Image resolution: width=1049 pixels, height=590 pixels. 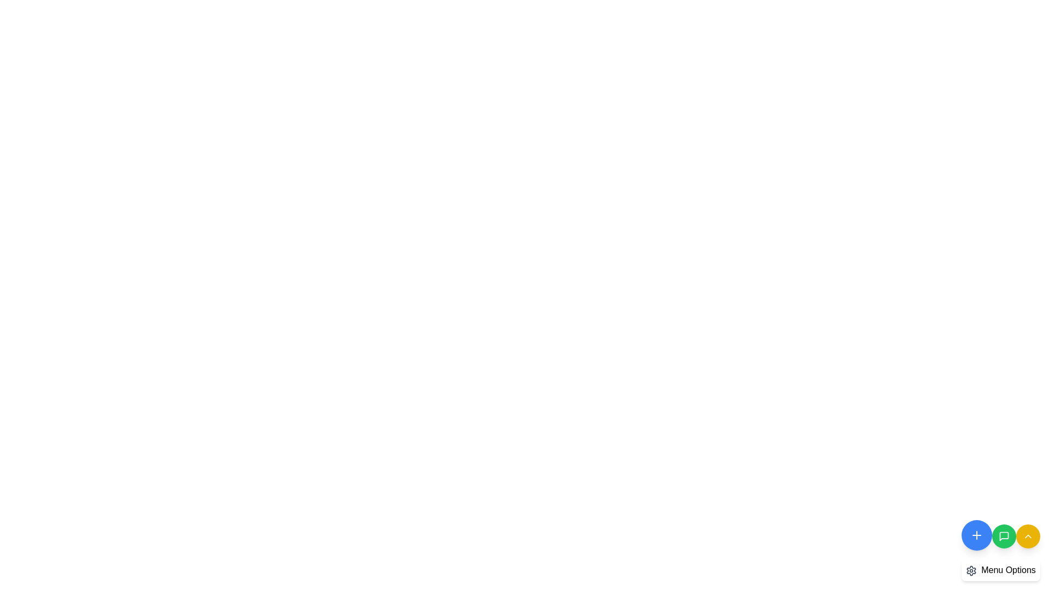 I want to click on the circular green button with a speech bubble icon, which is the second button among three horizontally aligned buttons at the bottom-right corner of the interface, so click(x=1001, y=548).